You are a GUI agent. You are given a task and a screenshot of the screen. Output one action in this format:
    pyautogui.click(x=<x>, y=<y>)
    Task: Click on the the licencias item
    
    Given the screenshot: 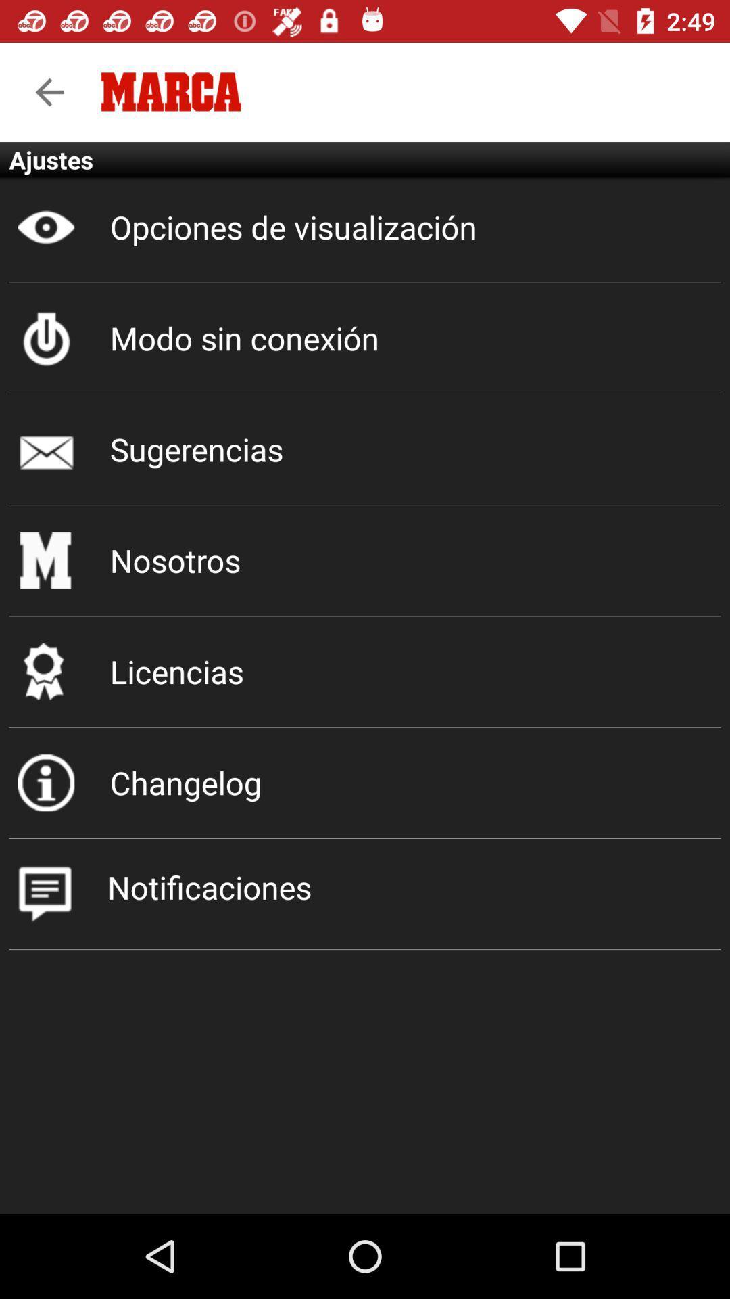 What is the action you would take?
    pyautogui.click(x=365, y=672)
    